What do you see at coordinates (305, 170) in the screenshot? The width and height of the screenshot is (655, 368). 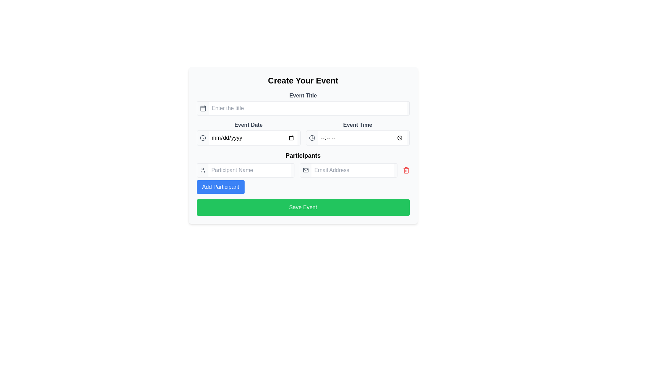 I see `the mail icon, which is a gray rectangular graphic representing a participant's email entry in the Participants section, specifically located in the second input field row` at bounding box center [305, 170].